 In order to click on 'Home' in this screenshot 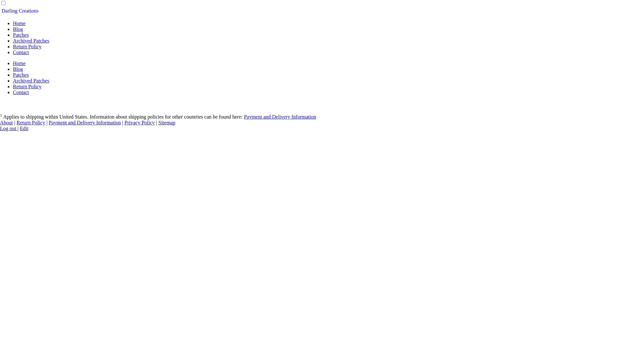, I will do `click(19, 23)`.